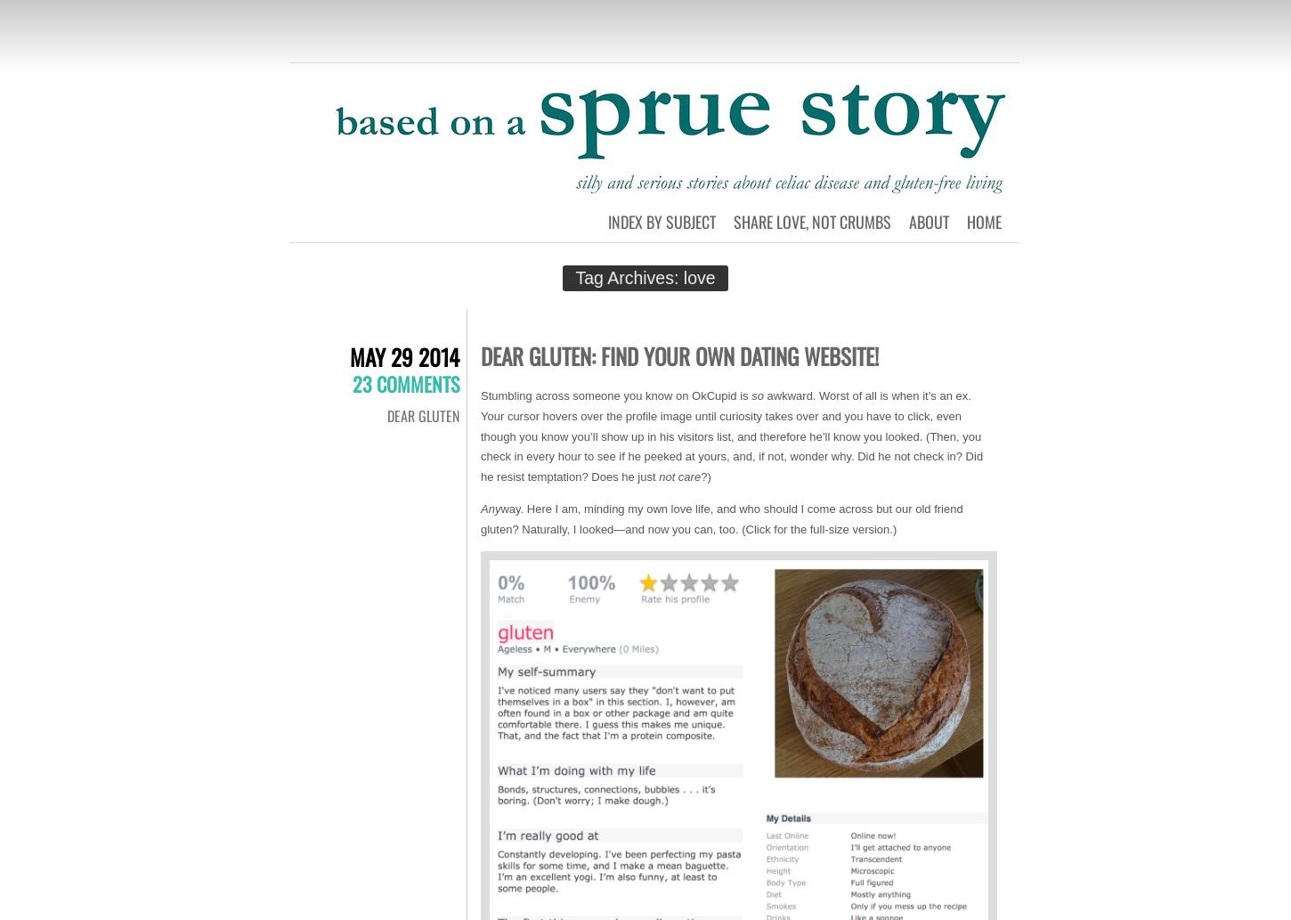  Describe the element at coordinates (405, 383) in the screenshot. I see `'23 Comments'` at that location.